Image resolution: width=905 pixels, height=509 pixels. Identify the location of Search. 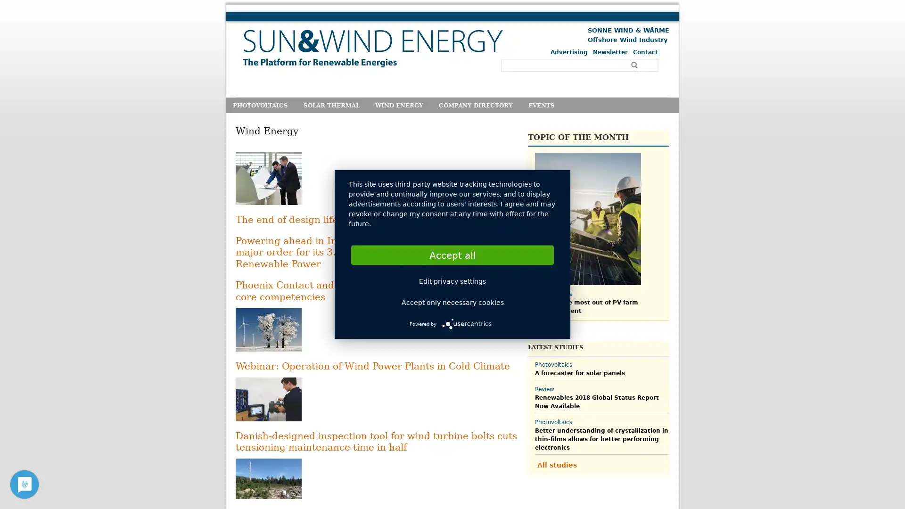
(635, 65).